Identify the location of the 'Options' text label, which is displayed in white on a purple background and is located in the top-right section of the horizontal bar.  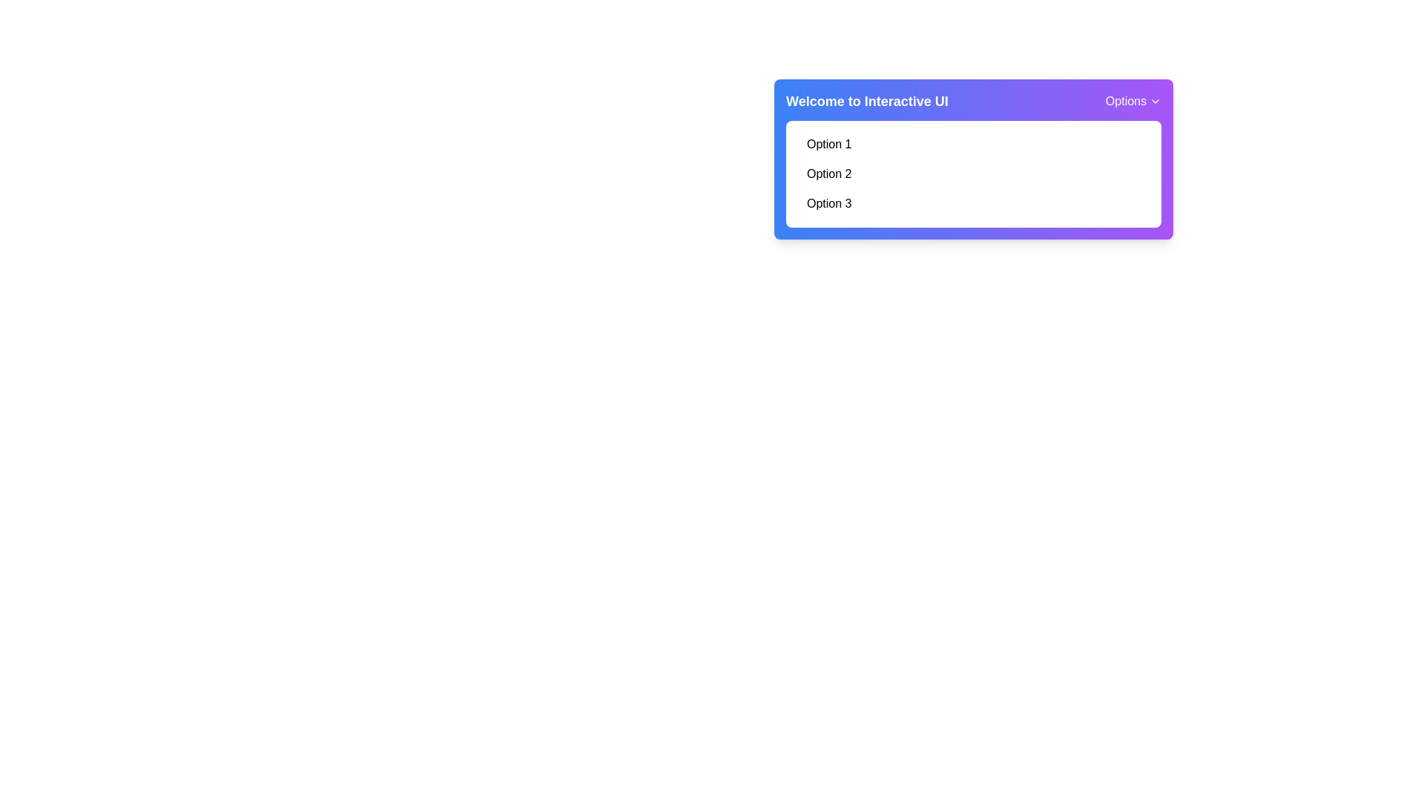
(1126, 101).